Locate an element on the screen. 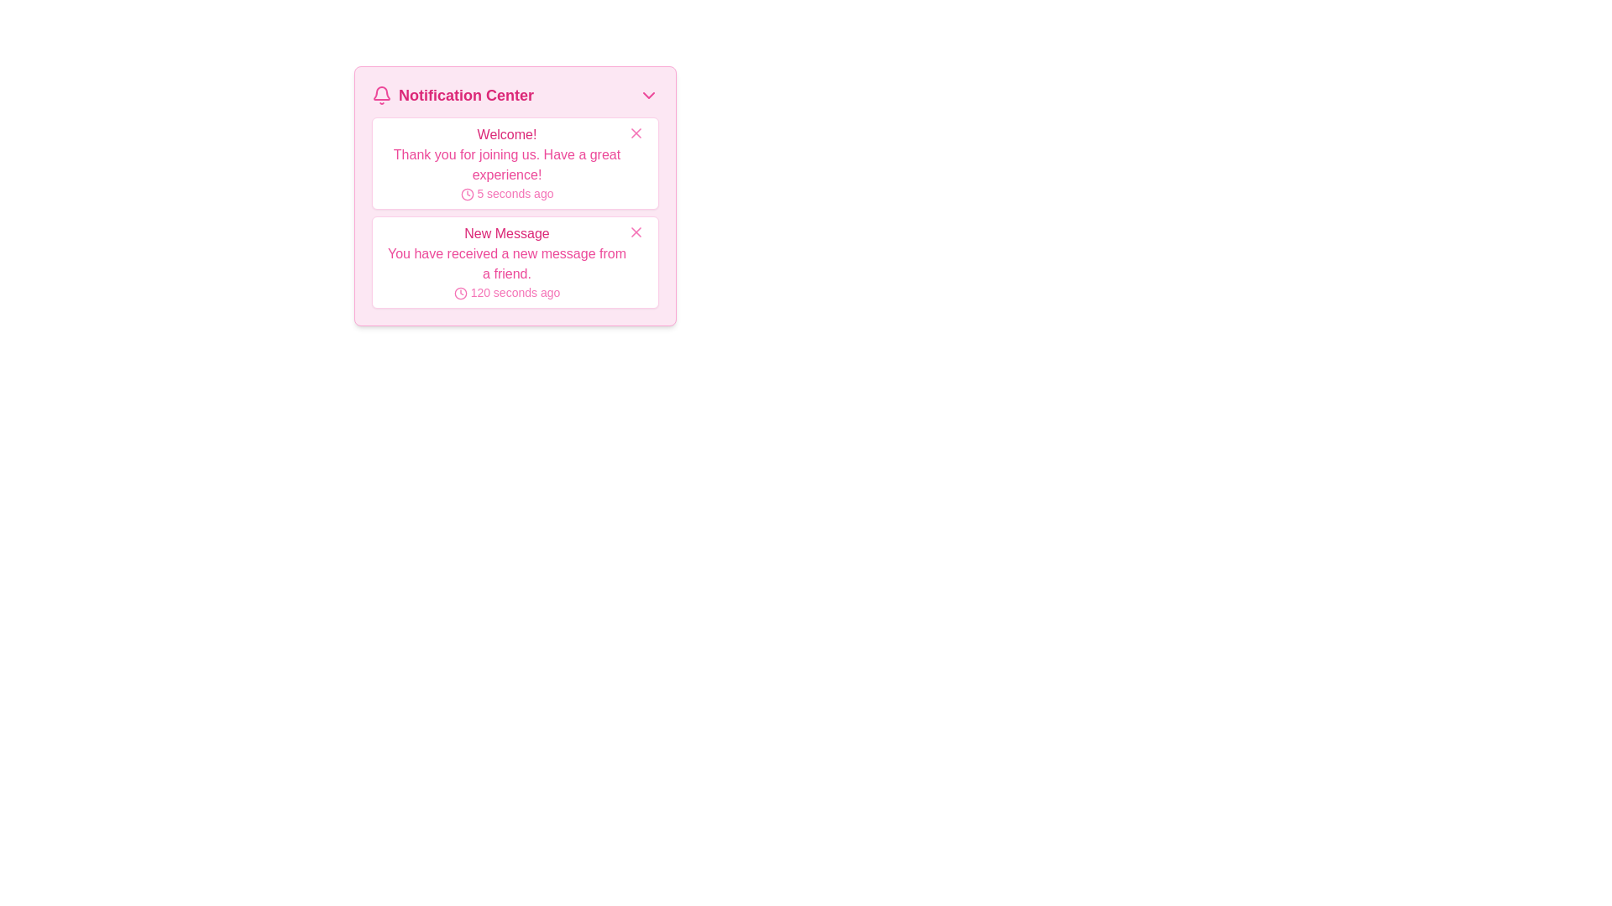 The height and width of the screenshot is (906, 1612). notification message from the second notification card in the Notification Center, which contains the title 'New Message', the content 'You have received a new message from a friend.', and the timestamp '120 seconds ago' is located at coordinates (506, 262).